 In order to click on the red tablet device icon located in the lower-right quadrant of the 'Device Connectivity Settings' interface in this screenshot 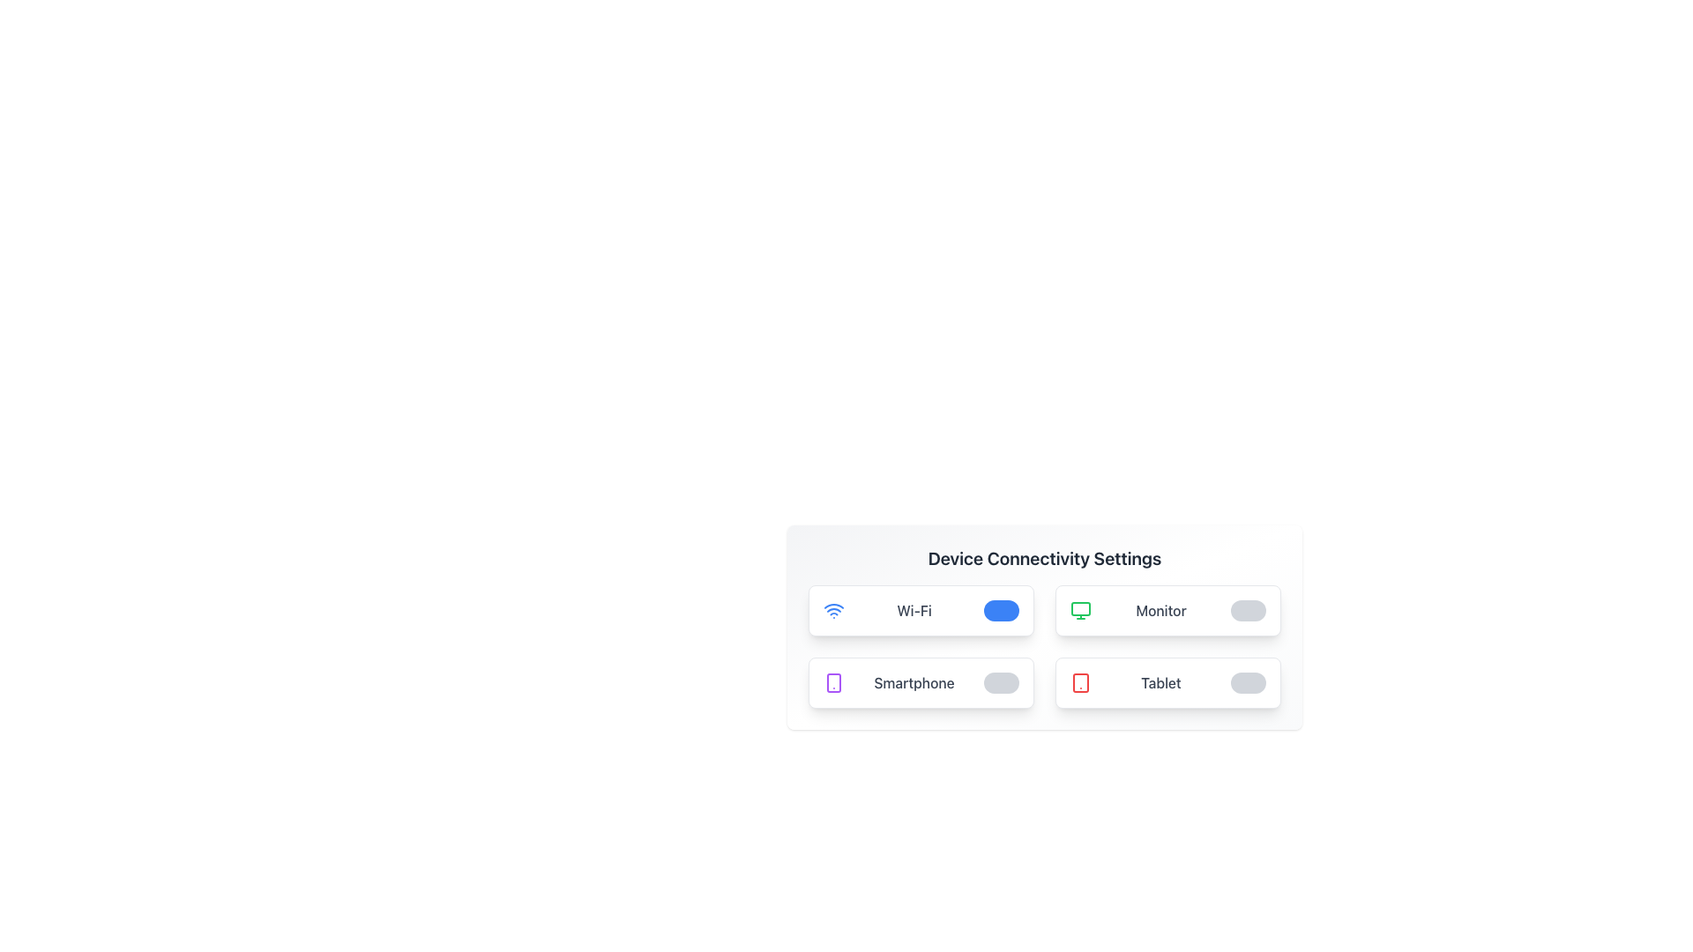, I will do `click(1079, 682)`.